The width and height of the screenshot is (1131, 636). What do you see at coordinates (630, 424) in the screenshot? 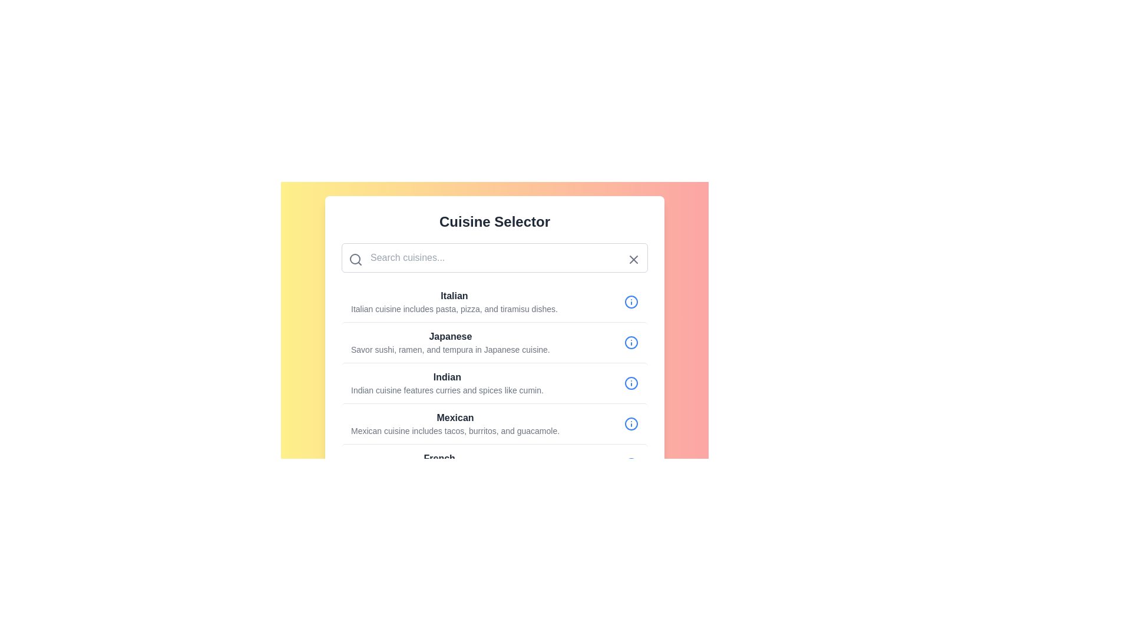
I see `the information indicator icon (circle with additional inside elements) adjacent to the 'Mexican' text` at bounding box center [630, 424].